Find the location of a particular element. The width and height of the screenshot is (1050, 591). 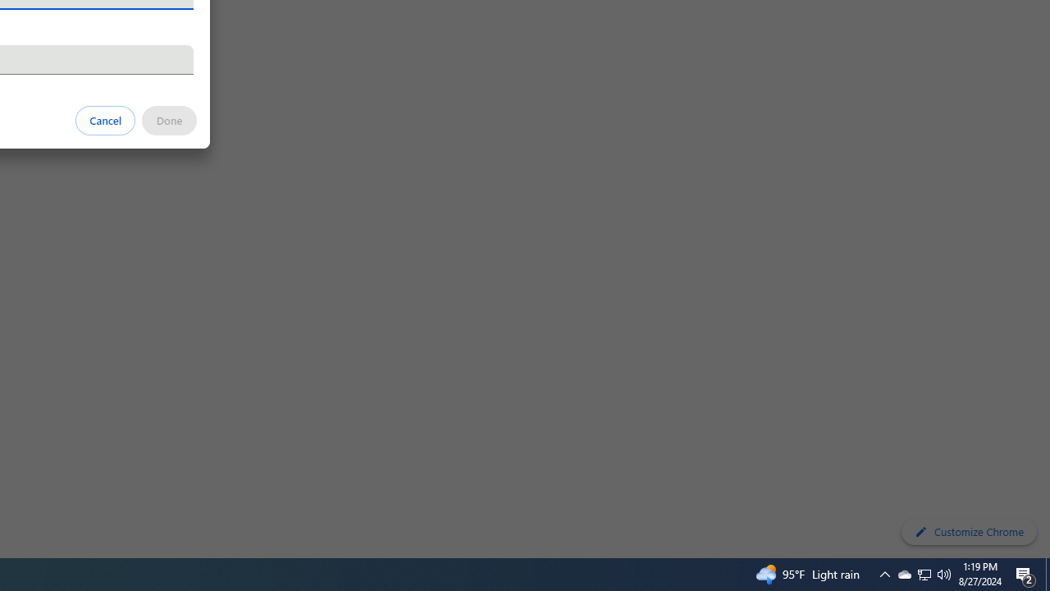

'Cancel' is located at coordinates (105, 119).